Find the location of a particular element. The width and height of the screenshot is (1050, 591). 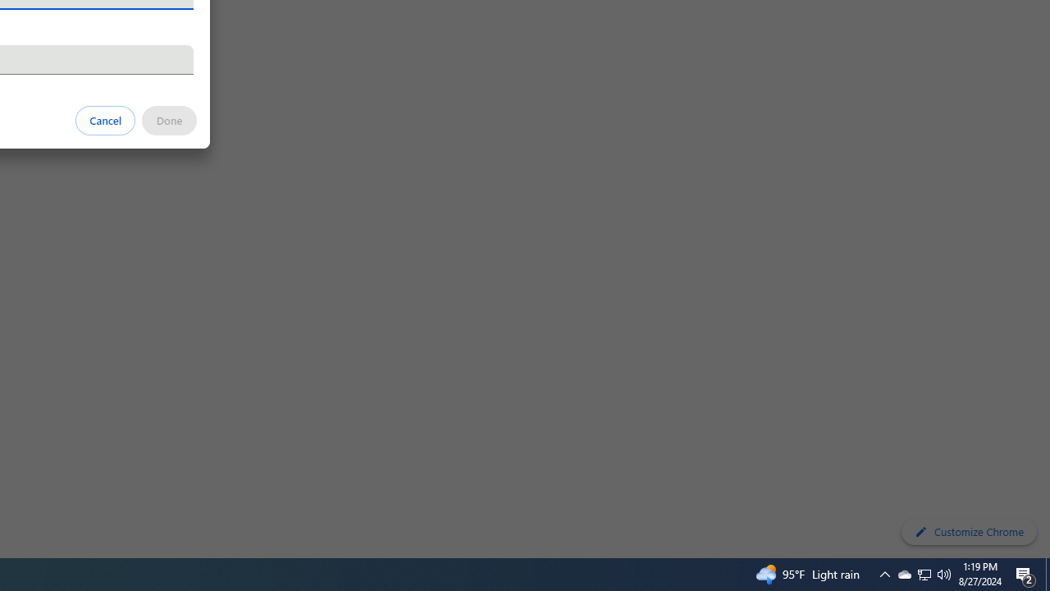

'Cancel' is located at coordinates (105, 119).